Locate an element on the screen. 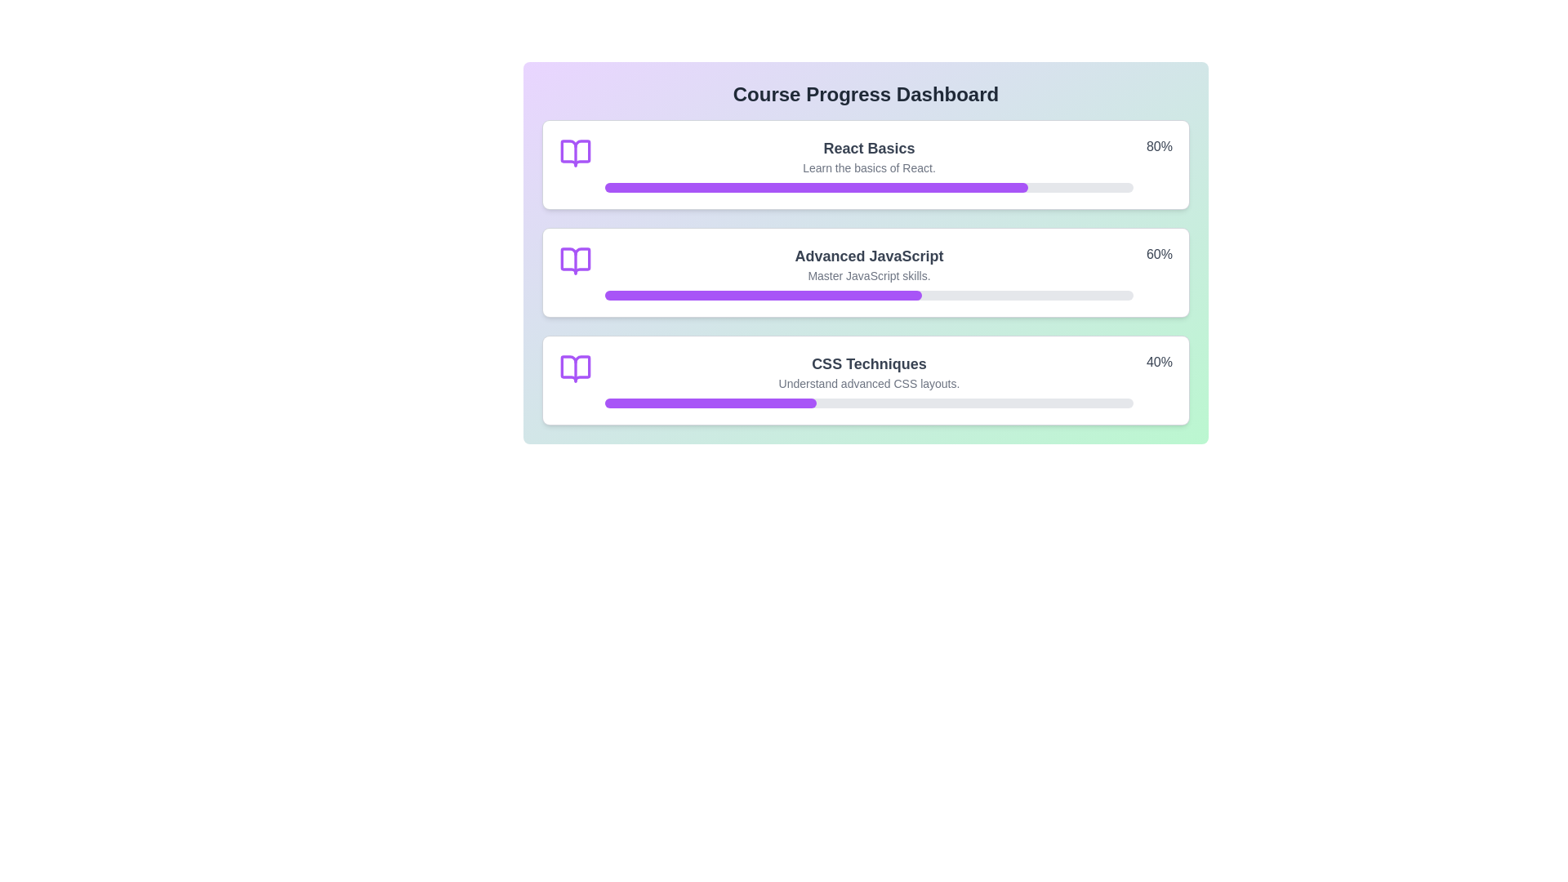 The height and width of the screenshot is (882, 1568). the progress indicator text label located at the right end of the third progress bar titled 'CSS Techniques' in the 'Course Progress Dashboard' is located at coordinates (1159, 363).